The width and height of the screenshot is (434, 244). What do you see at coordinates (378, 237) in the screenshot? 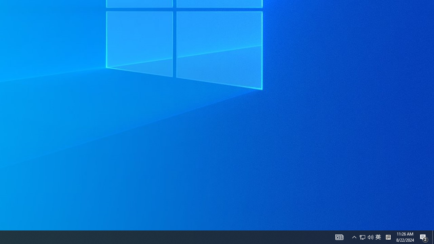
I see `'Tray Input Indicator - Chinese (Simplified, China)'` at bounding box center [378, 237].